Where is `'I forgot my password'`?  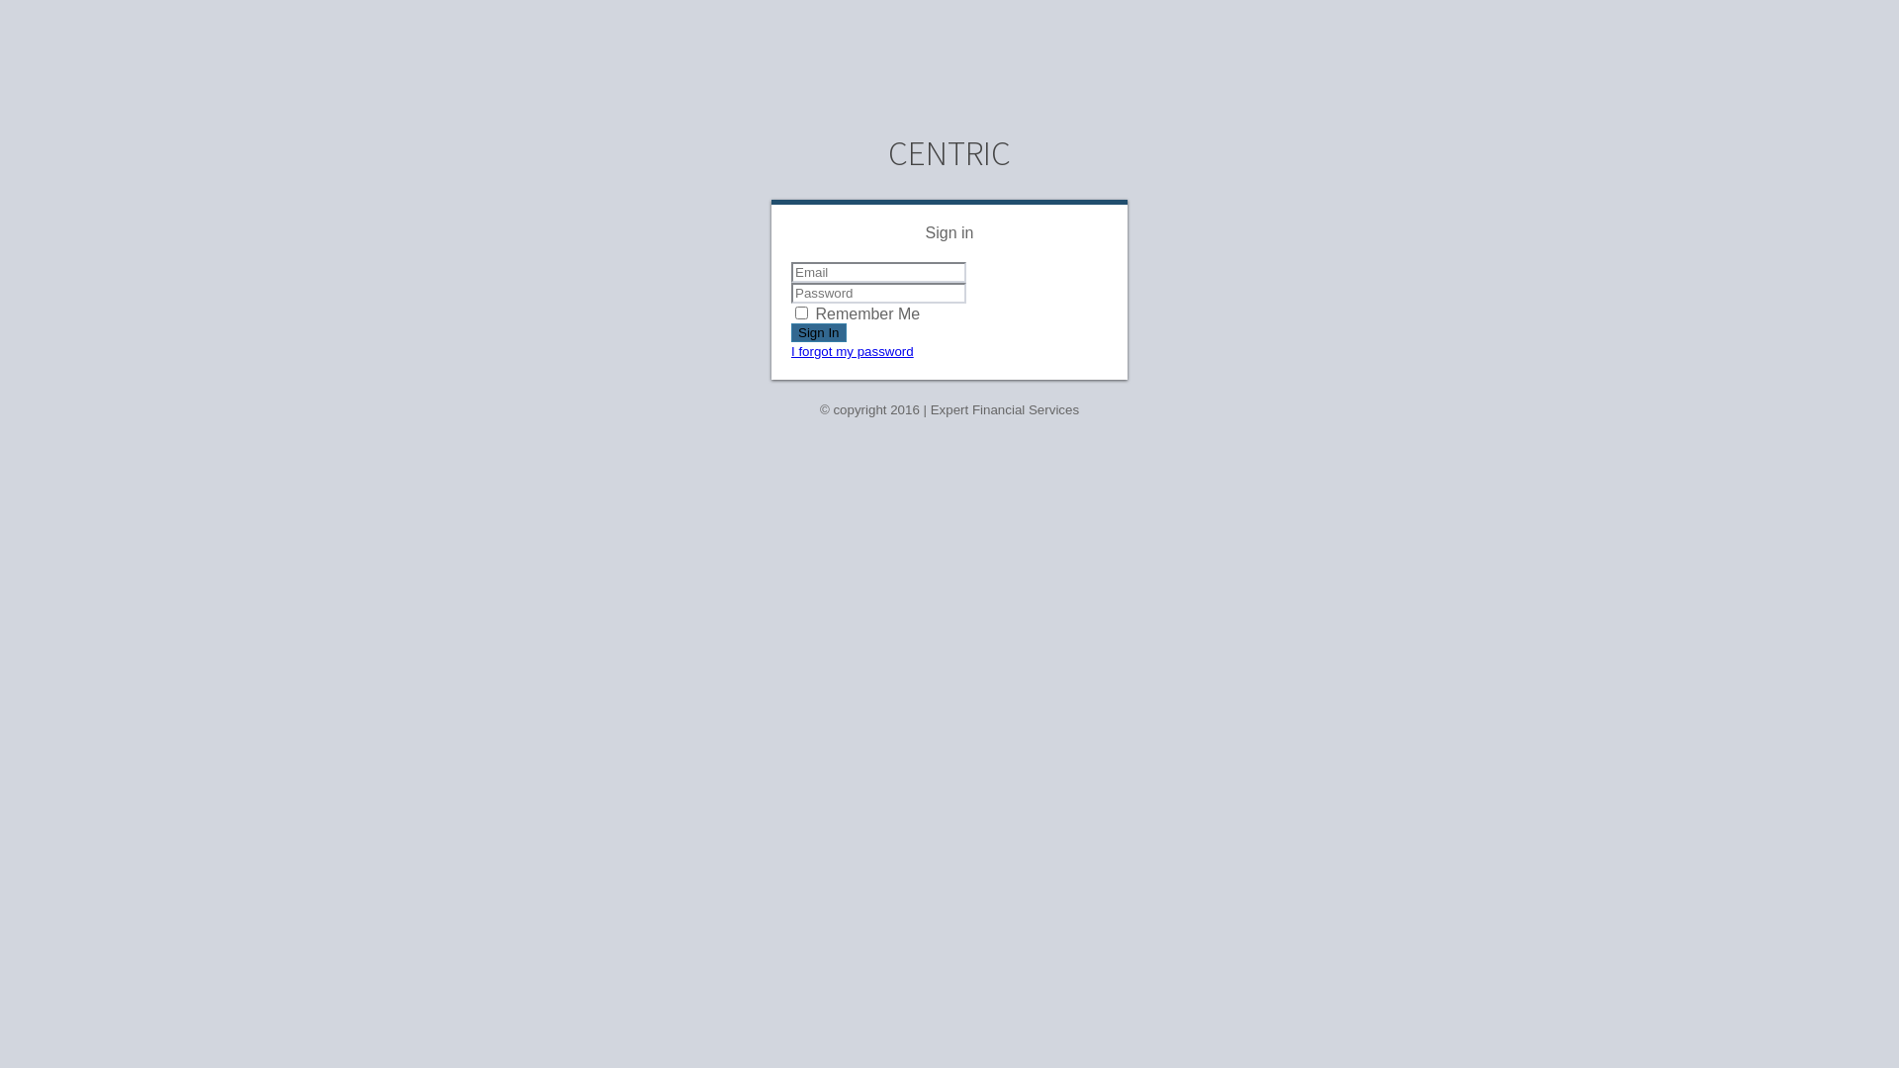 'I forgot my password' is located at coordinates (853, 349).